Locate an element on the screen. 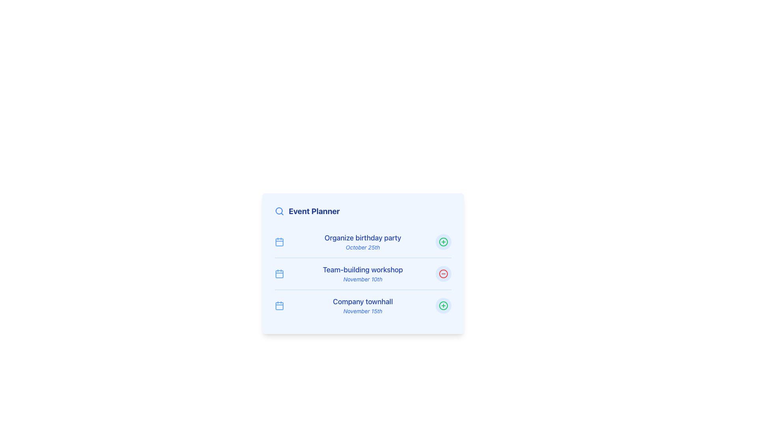 The image size is (757, 425). the static text label displaying the date for the 'Company townhall' event, located at the bottom of the list item for the event in the event planner interface is located at coordinates (362, 310).